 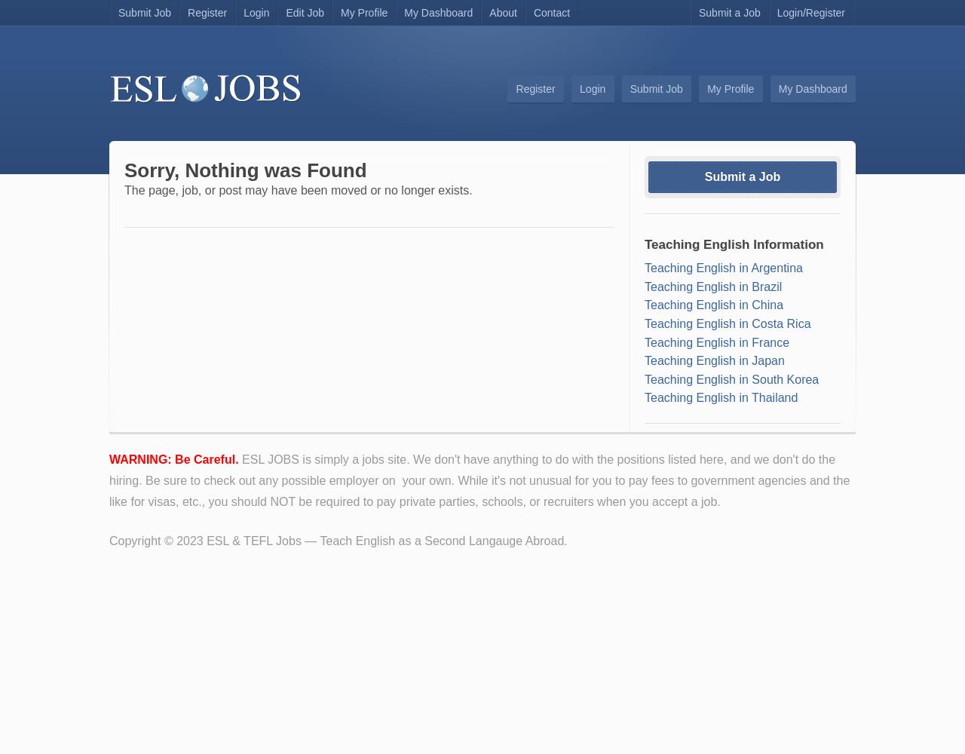 I want to click on 'Teaching English in France', so click(x=716, y=341).